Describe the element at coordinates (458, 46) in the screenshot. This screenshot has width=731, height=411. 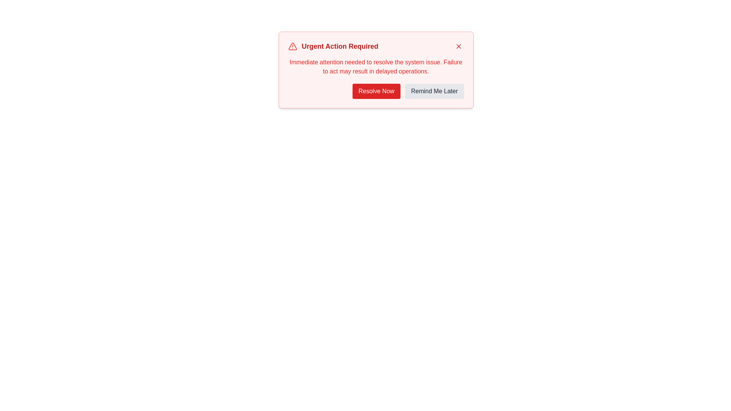
I see `the close button located at the top-right corner of the notification box` at that location.